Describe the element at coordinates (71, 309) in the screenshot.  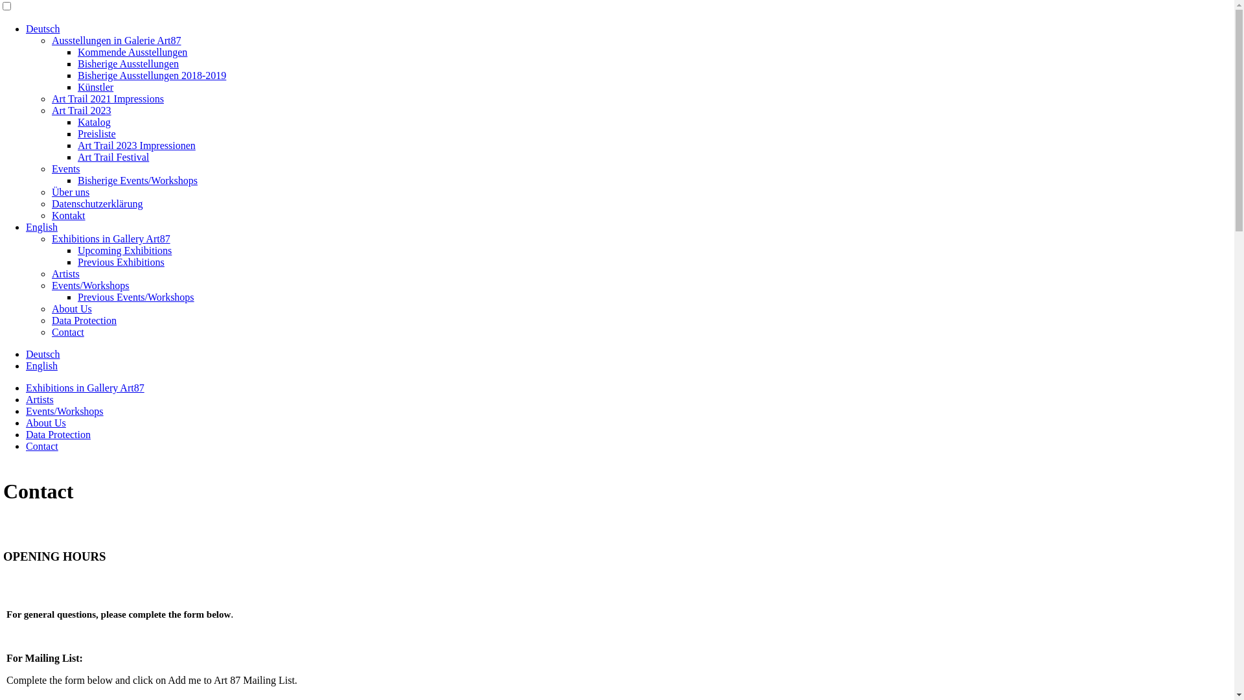
I see `'About Us'` at that location.